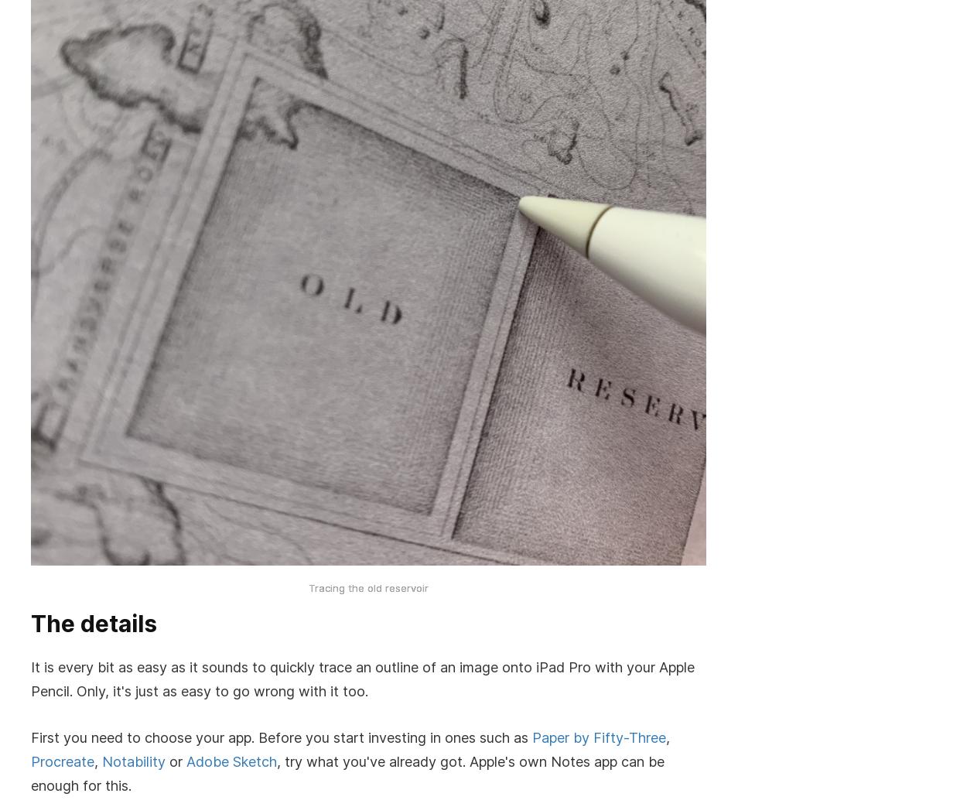 The image size is (967, 807). I want to click on 'Procreate', so click(62, 761).